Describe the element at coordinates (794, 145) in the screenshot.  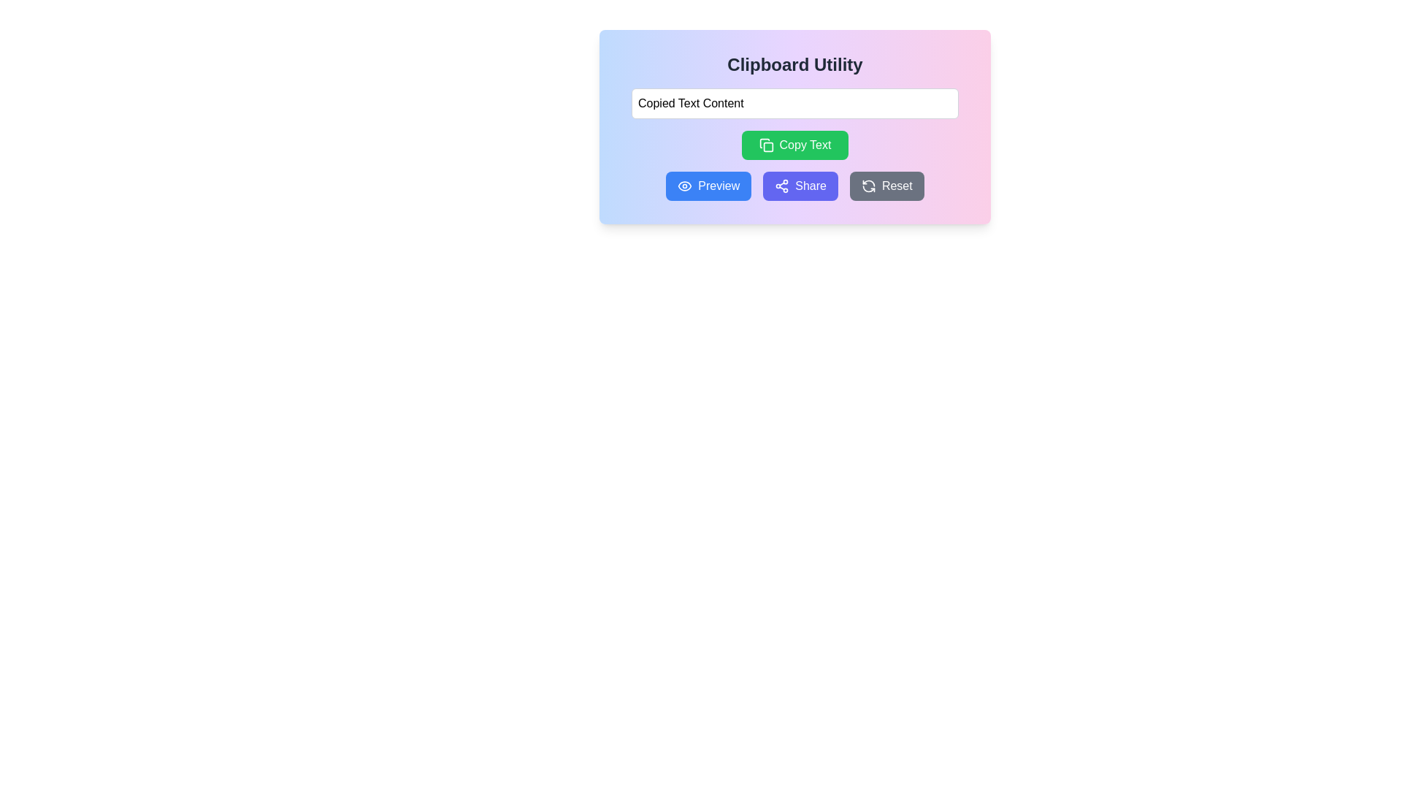
I see `the green 'Copy Text' button, which is rectangular with rounded edges and features an icon of two overlapping squares on the left side` at that location.